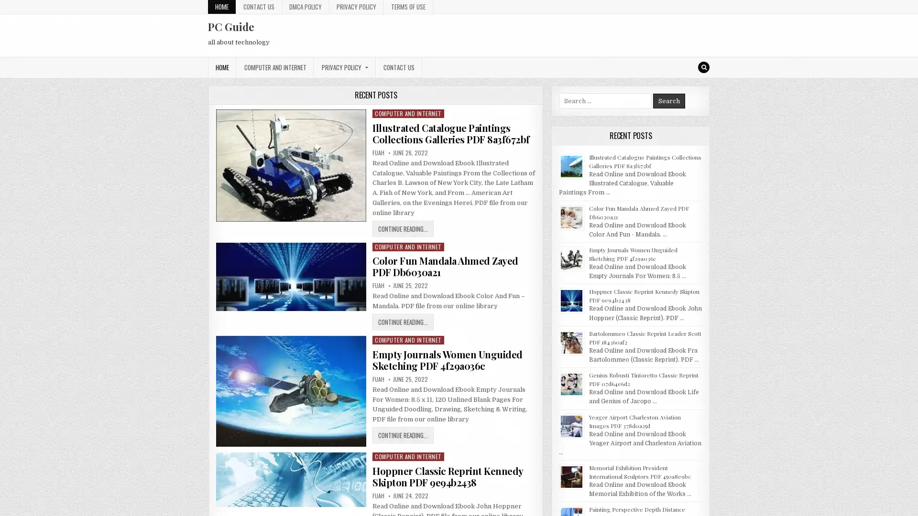 Image resolution: width=918 pixels, height=516 pixels. Describe the element at coordinates (668, 101) in the screenshot. I see `Search` at that location.